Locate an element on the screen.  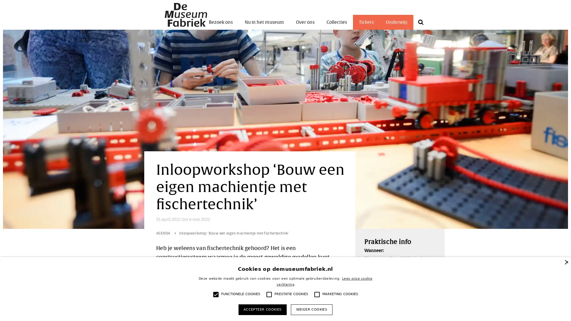
ACCEPTEER COOKIES is located at coordinates (262, 309).